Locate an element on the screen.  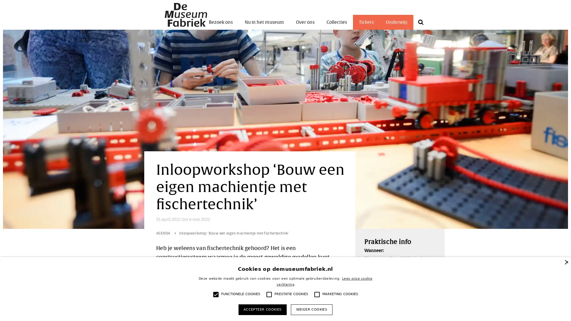
ACCEPTEER COOKIES is located at coordinates (262, 309).